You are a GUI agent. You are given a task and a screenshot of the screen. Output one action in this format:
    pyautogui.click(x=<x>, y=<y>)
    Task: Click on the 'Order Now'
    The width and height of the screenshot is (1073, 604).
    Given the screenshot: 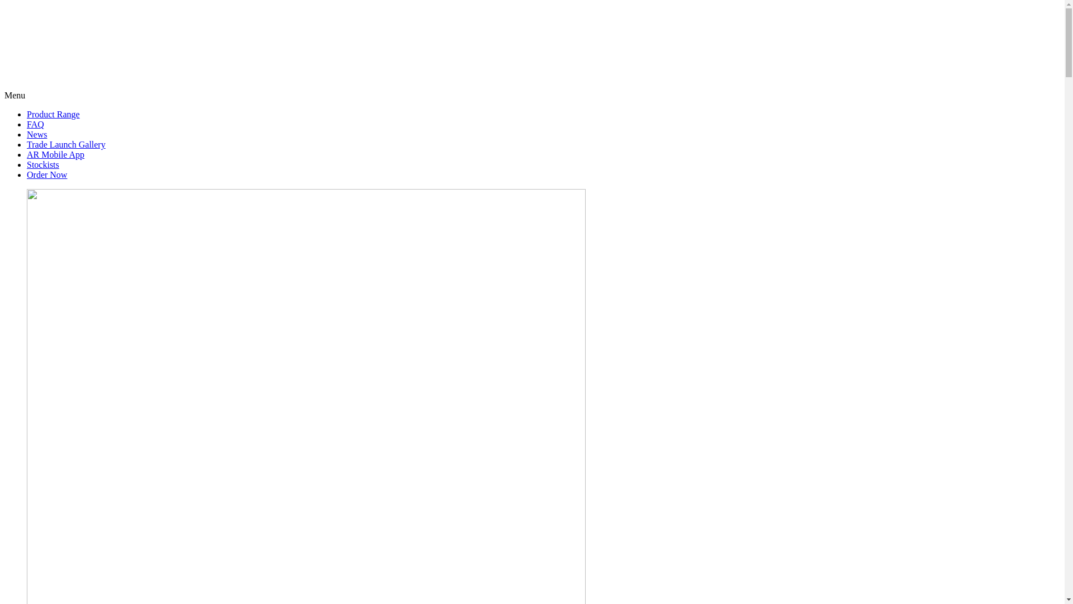 What is the action you would take?
    pyautogui.click(x=46, y=174)
    